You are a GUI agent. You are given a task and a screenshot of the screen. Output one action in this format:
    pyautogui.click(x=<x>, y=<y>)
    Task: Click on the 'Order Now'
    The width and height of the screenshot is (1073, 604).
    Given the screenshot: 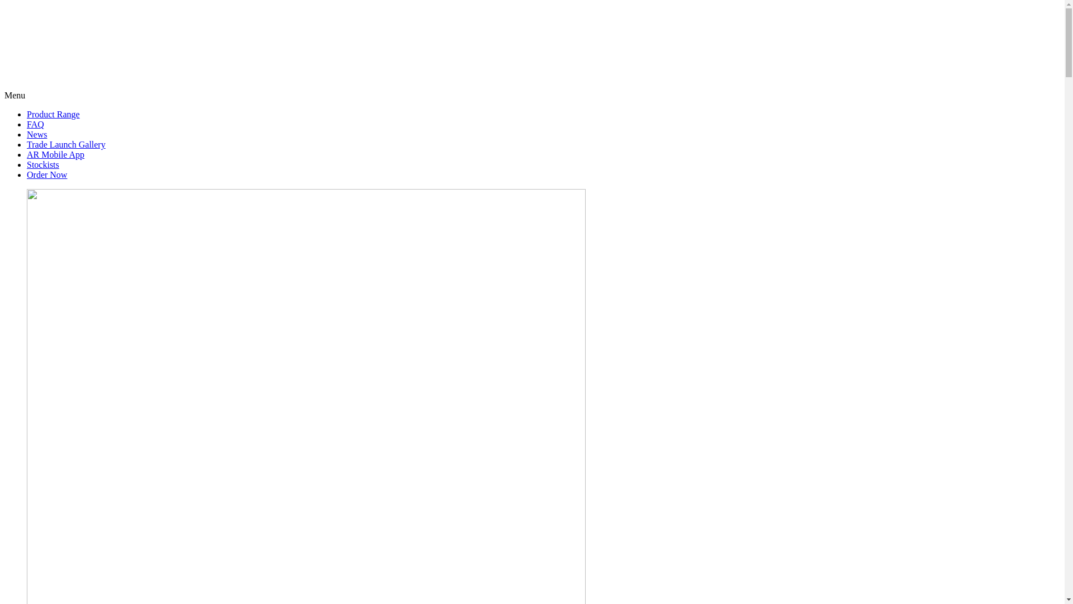 What is the action you would take?
    pyautogui.click(x=46, y=174)
    